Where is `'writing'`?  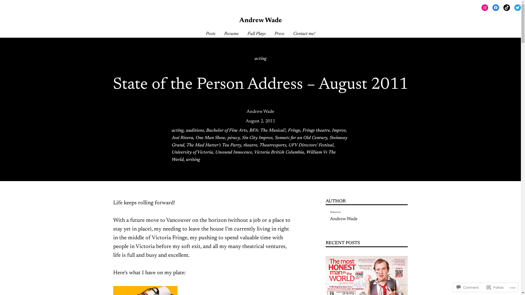
'writing' is located at coordinates (193, 160).